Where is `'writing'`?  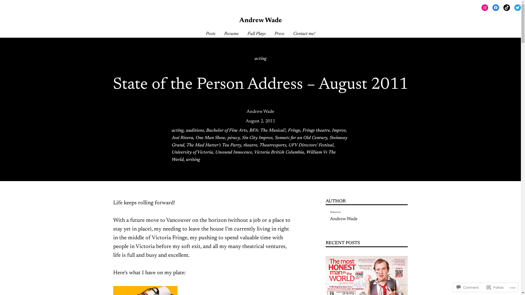
'writing' is located at coordinates (193, 160).